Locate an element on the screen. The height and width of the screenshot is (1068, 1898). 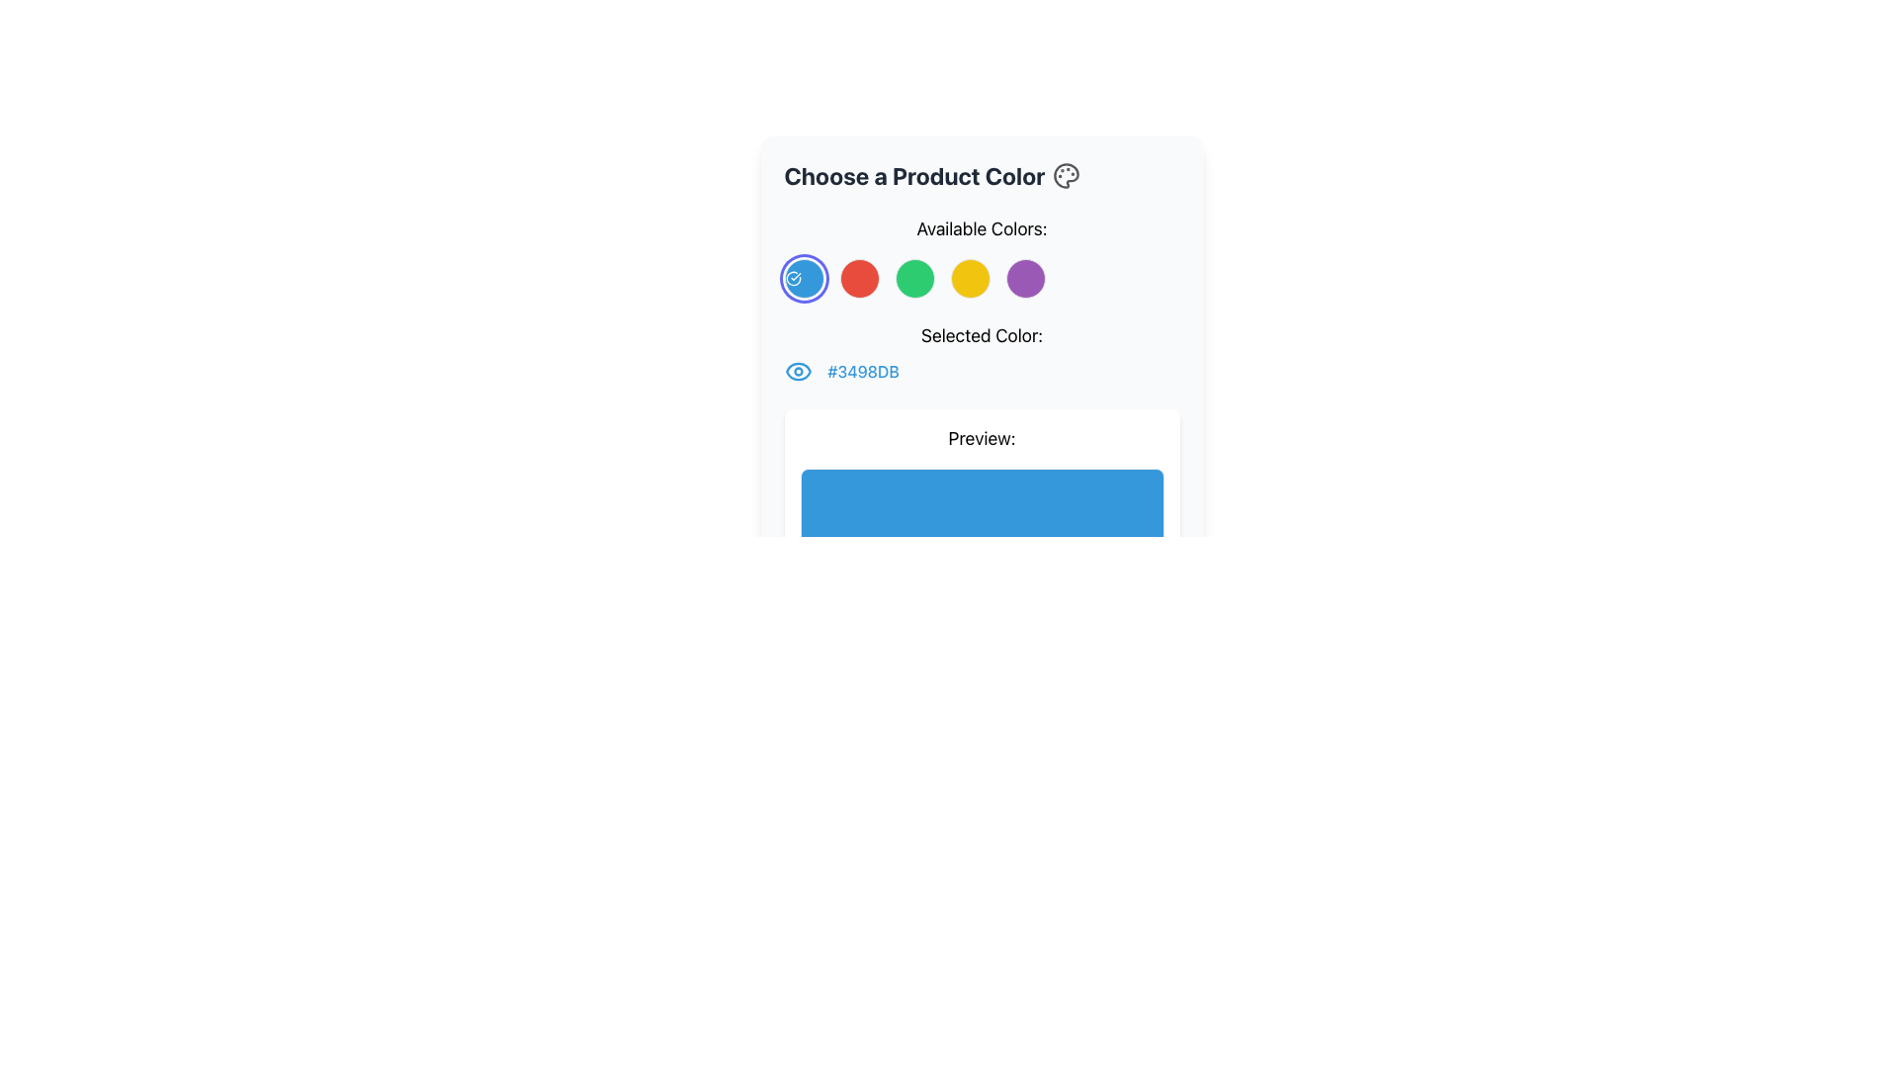
the circular palette icon located in the upper part of the UI card, near the title 'Choose a Product Color', aligned to the right side is located at coordinates (1066, 174).